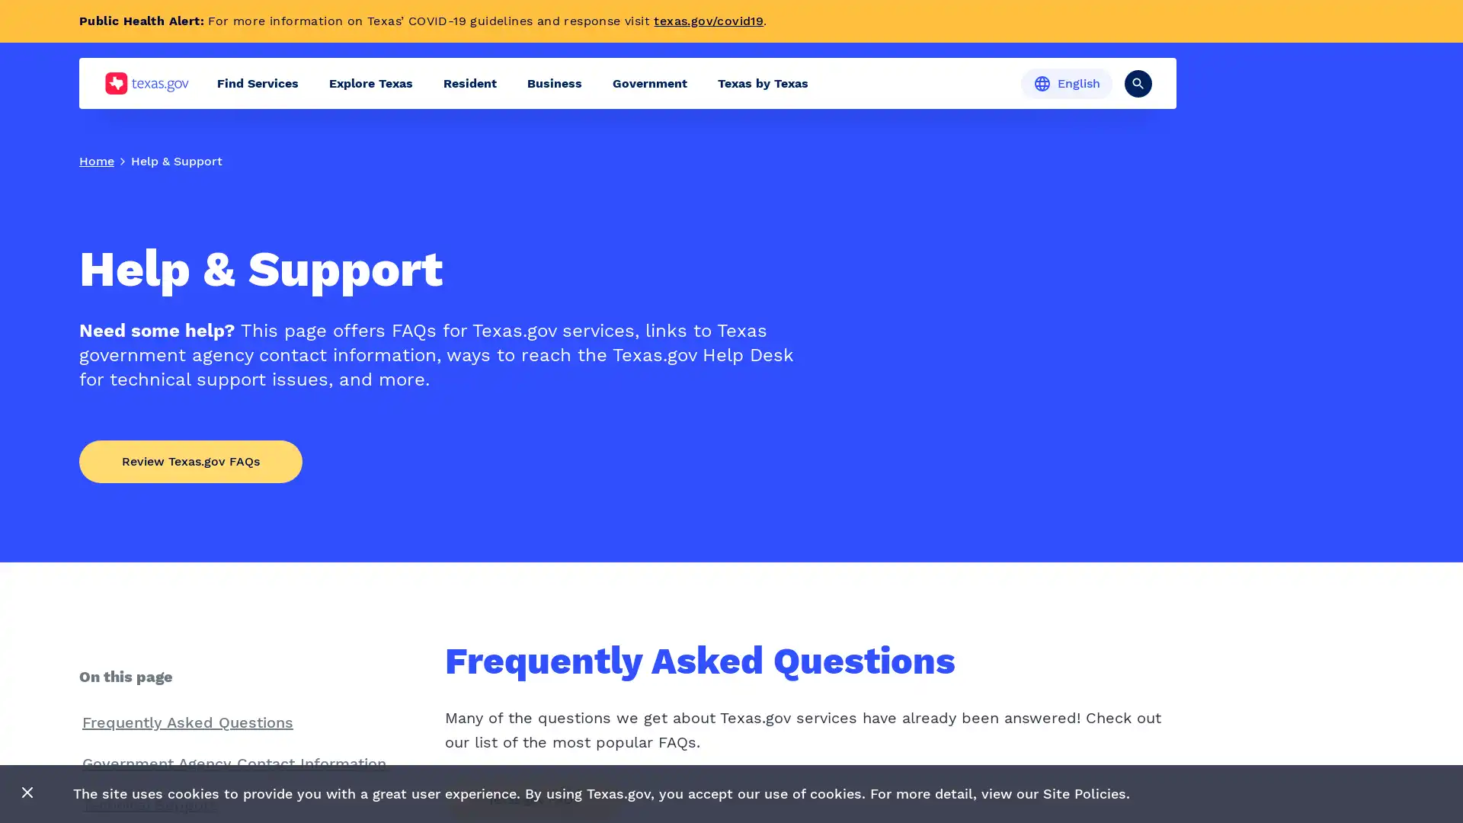 The height and width of the screenshot is (823, 1463). I want to click on Business, so click(554, 83).